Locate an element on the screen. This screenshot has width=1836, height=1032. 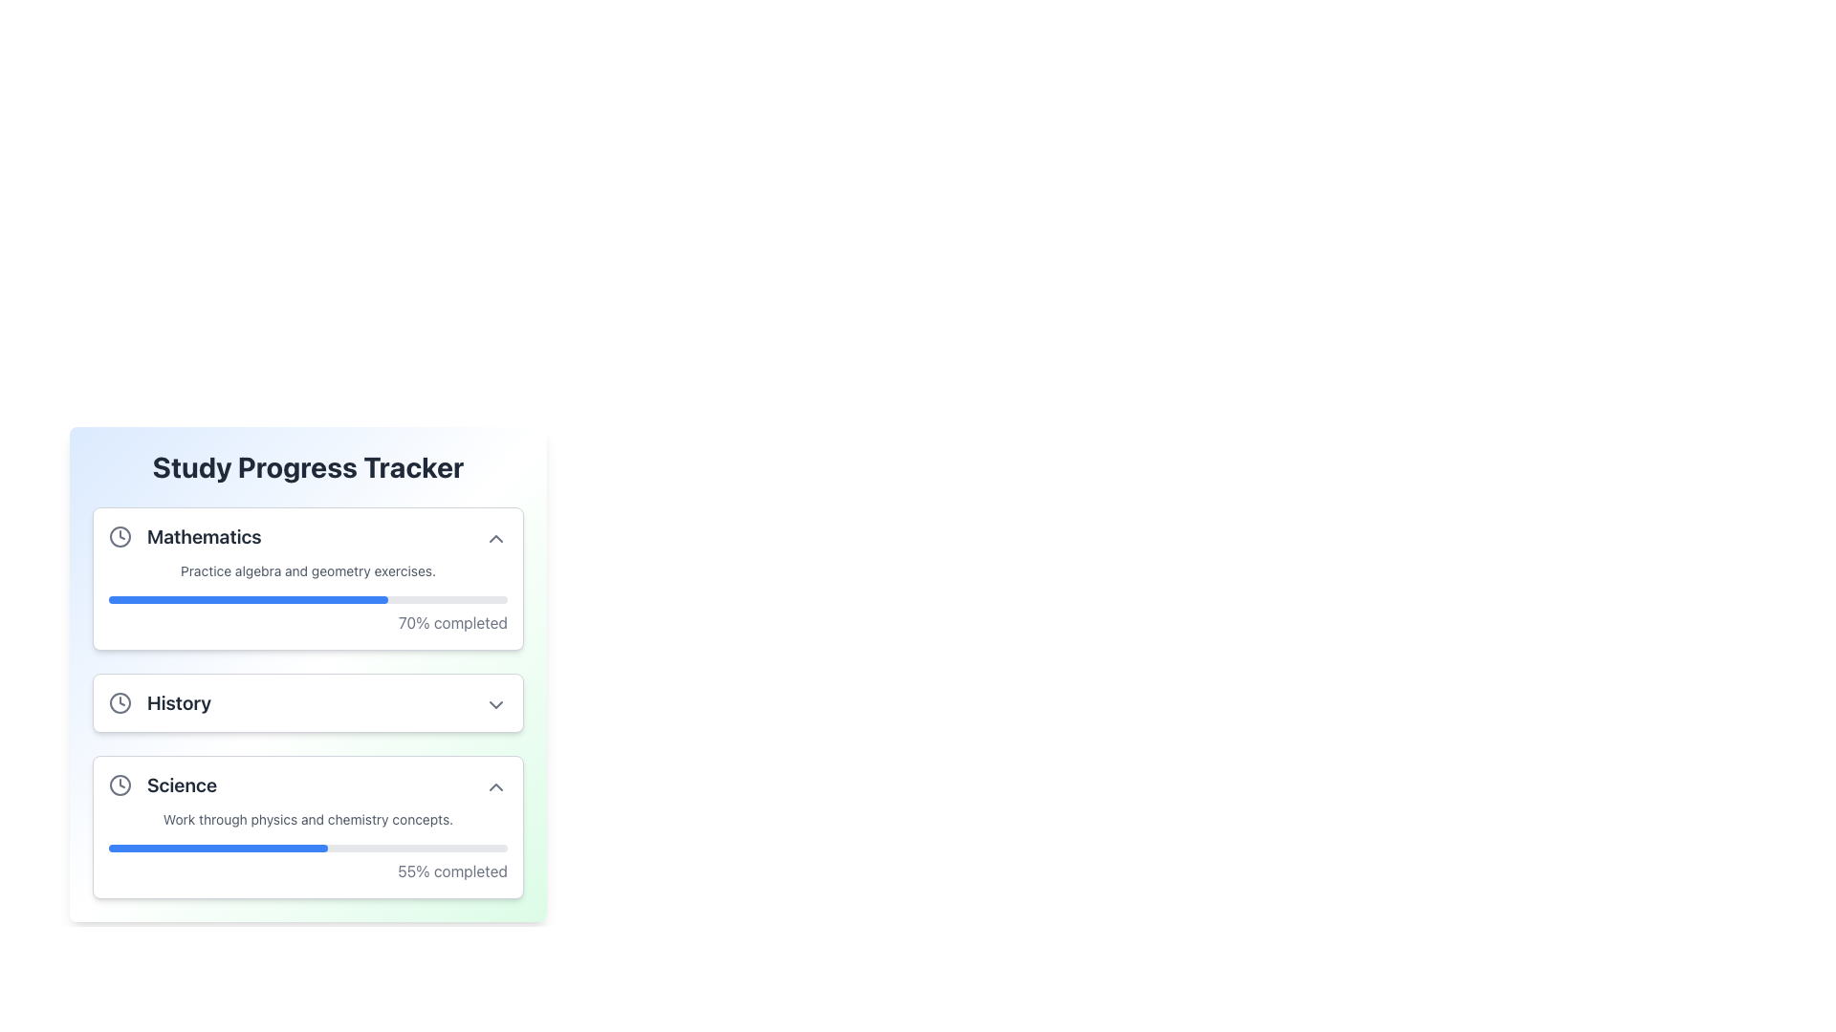
title text element at the top of the section that summarizes the content for the subsequent progress trackers is located at coordinates (308, 467).